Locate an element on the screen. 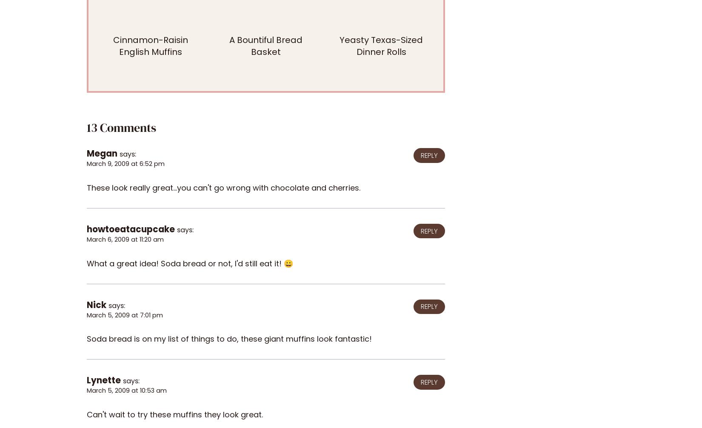  '13 Comments' is located at coordinates (121, 127).